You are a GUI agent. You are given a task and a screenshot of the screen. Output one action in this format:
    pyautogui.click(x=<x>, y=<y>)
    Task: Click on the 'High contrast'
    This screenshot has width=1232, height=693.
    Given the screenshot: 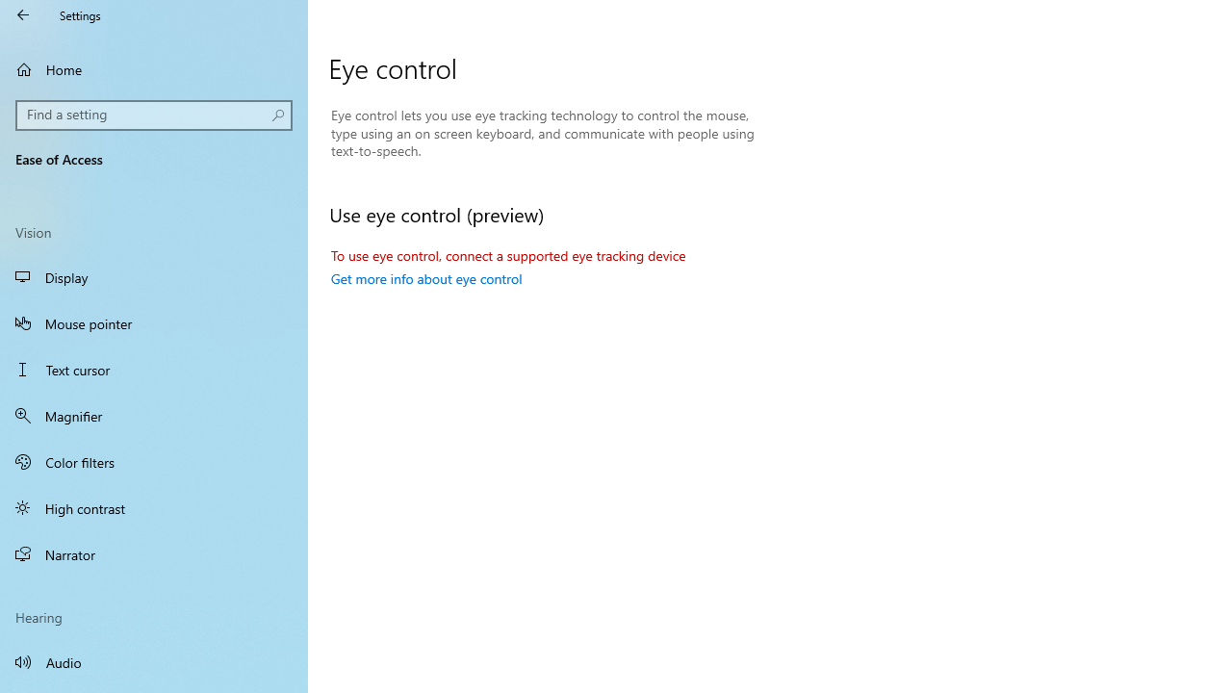 What is the action you would take?
    pyautogui.click(x=154, y=507)
    